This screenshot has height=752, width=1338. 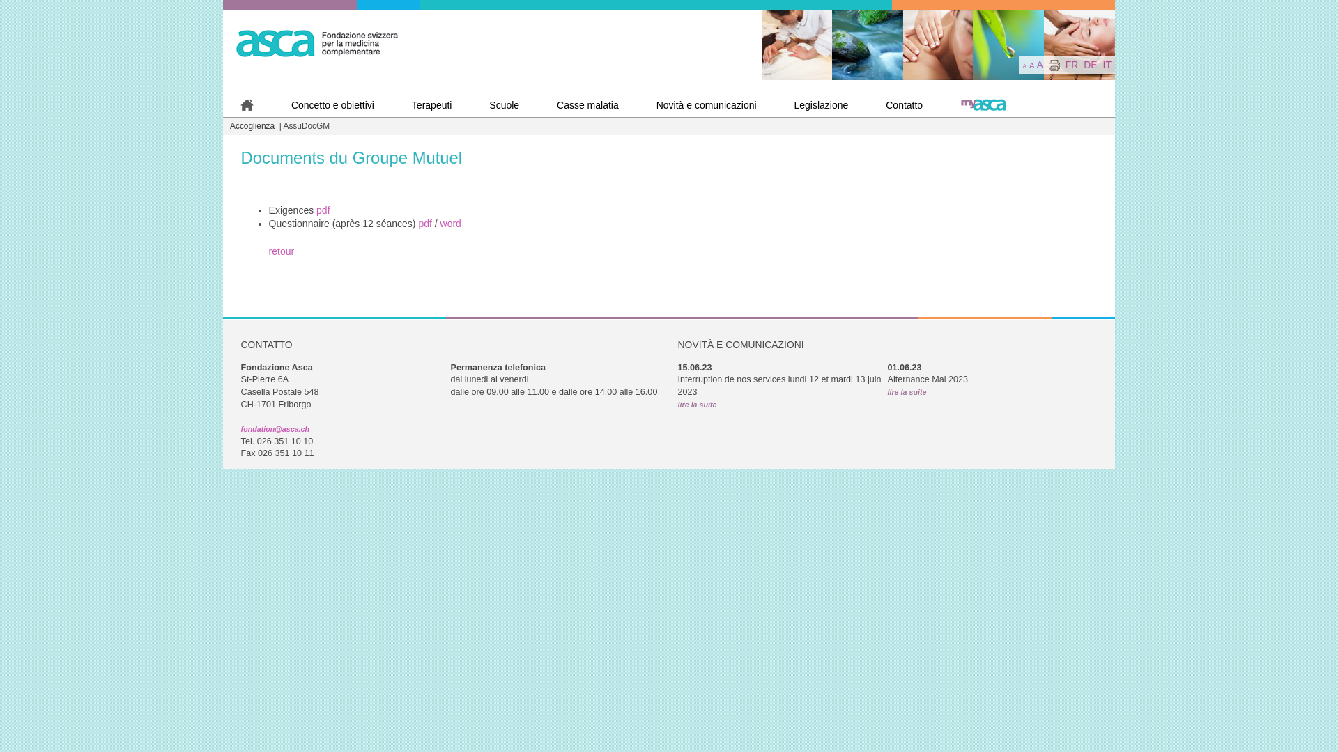 I want to click on 'IT', so click(x=1106, y=64).